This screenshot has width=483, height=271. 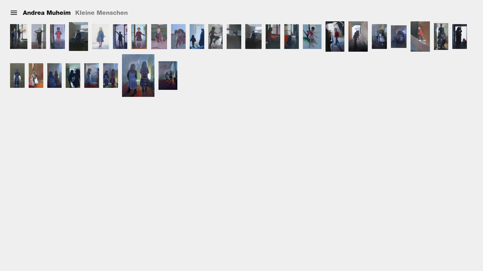 I want to click on 'Andrea Muheim', so click(x=47, y=13).